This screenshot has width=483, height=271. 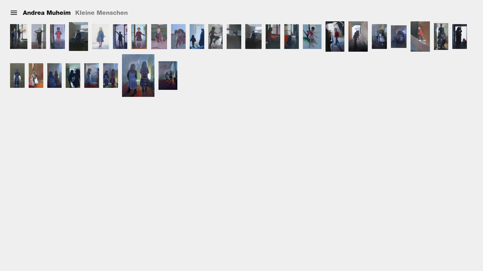 I want to click on 'Andrea Muheim', so click(x=47, y=13).